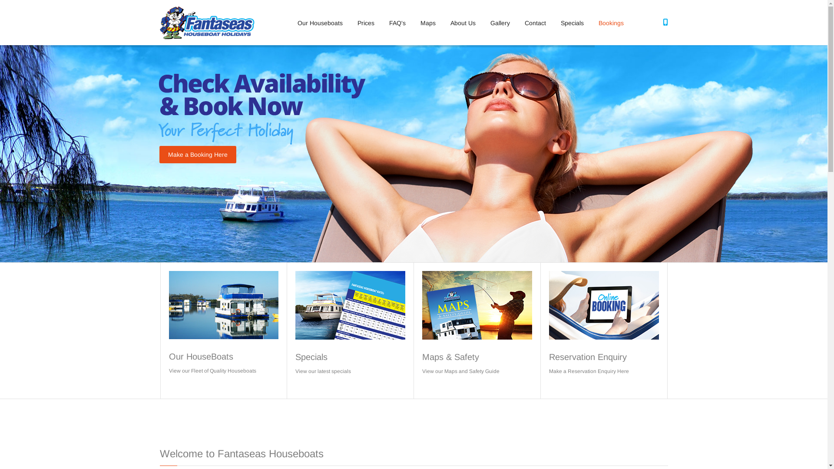 This screenshot has height=469, width=834. Describe the element at coordinates (554, 23) in the screenshot. I see `'Specials'` at that location.